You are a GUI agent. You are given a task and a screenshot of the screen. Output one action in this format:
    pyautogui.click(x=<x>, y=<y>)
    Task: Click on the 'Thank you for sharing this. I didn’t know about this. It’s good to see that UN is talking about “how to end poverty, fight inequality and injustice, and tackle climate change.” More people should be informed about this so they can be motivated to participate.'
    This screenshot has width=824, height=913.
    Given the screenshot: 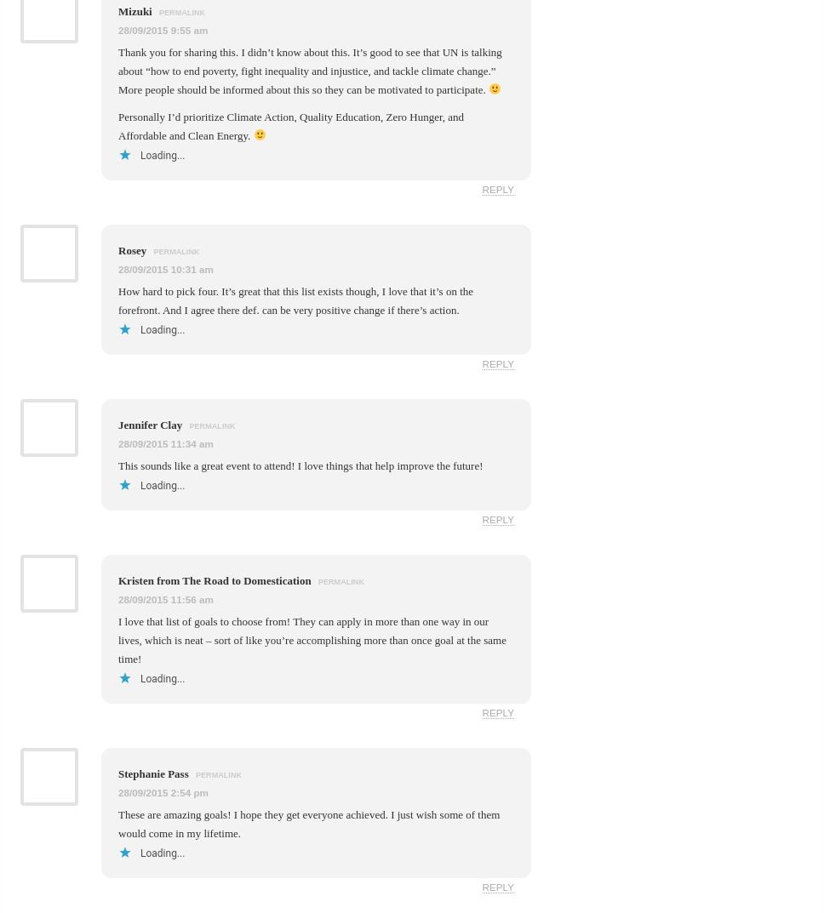 What is the action you would take?
    pyautogui.click(x=309, y=70)
    